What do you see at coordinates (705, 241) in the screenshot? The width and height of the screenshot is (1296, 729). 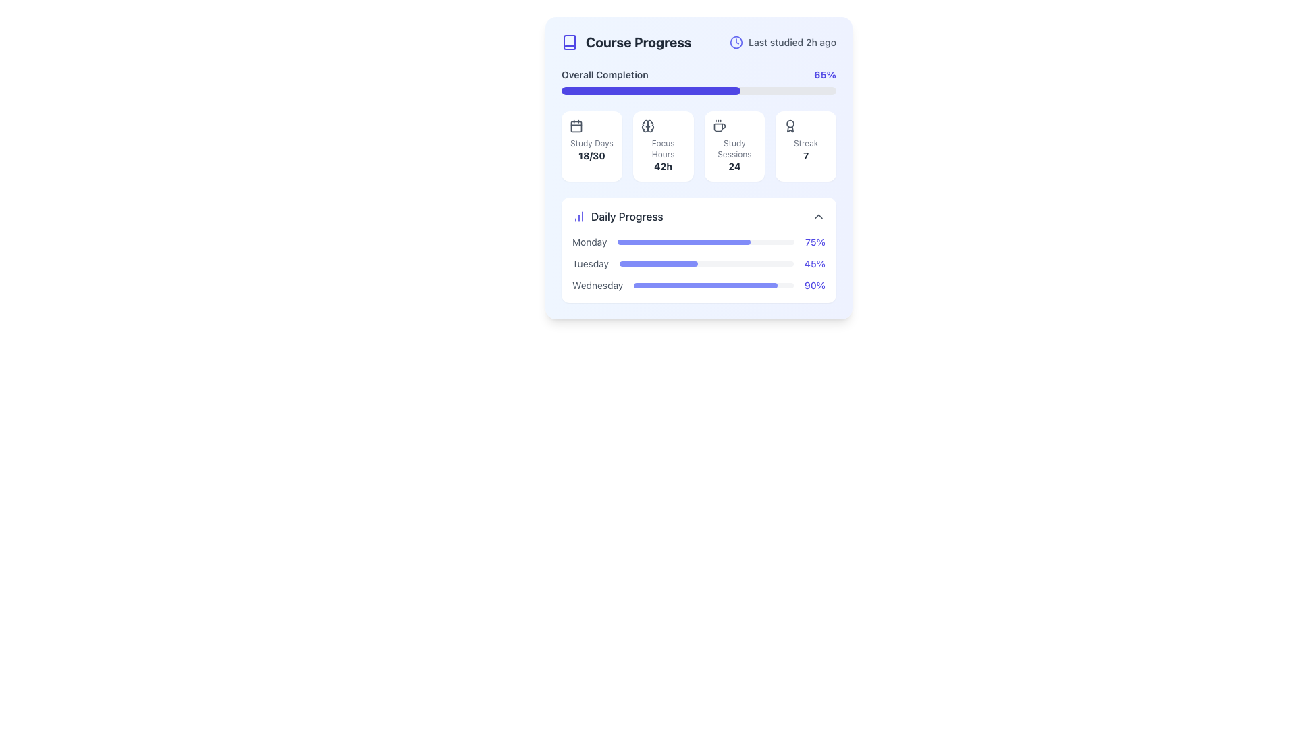 I see `the horizontal progress bar located in the 'Daily Progress' subsection, positioned between the 'Monday' label and the '75%' indicator` at bounding box center [705, 241].